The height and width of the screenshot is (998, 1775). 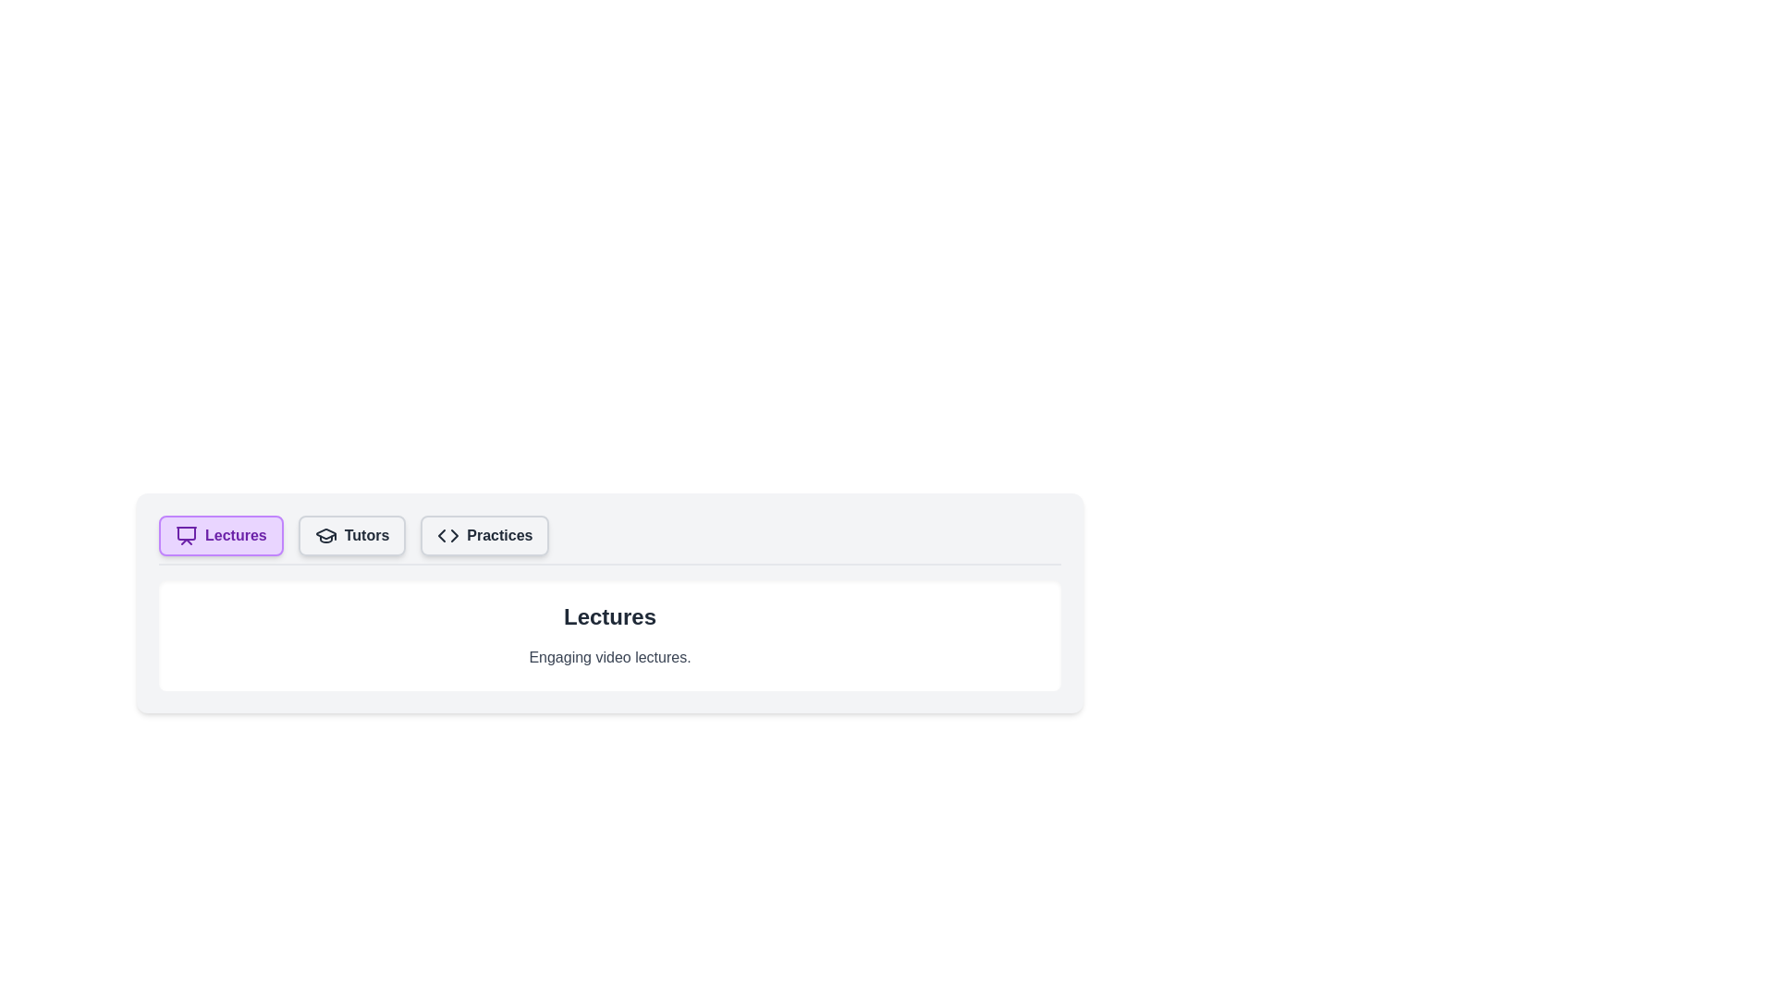 What do you see at coordinates (610, 616) in the screenshot?
I see `the 'Lectures' header element` at bounding box center [610, 616].